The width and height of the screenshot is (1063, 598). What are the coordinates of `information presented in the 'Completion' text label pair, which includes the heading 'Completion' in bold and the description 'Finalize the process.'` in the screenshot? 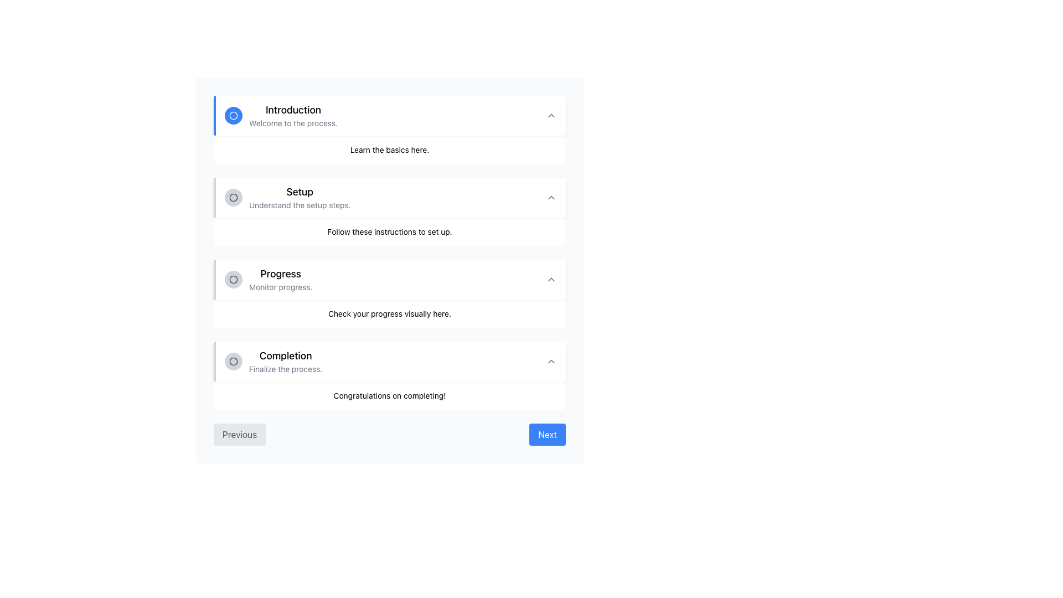 It's located at (286, 361).